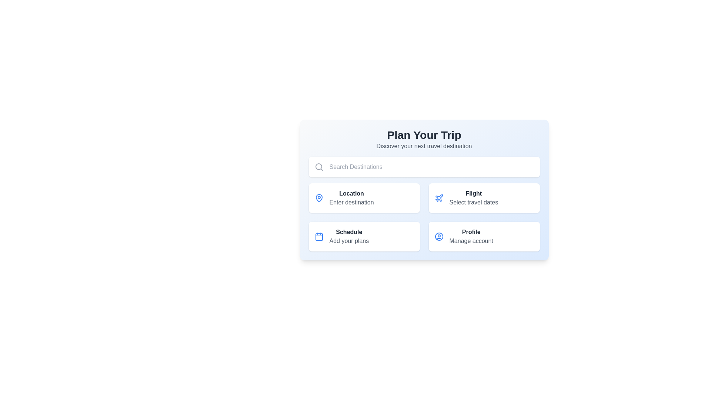 The width and height of the screenshot is (711, 400). Describe the element at coordinates (364, 237) in the screenshot. I see `the Card component located in the lower-left corner of the grid structure, specifically the third position among four cards, which contains a schedule-related feature description` at that location.